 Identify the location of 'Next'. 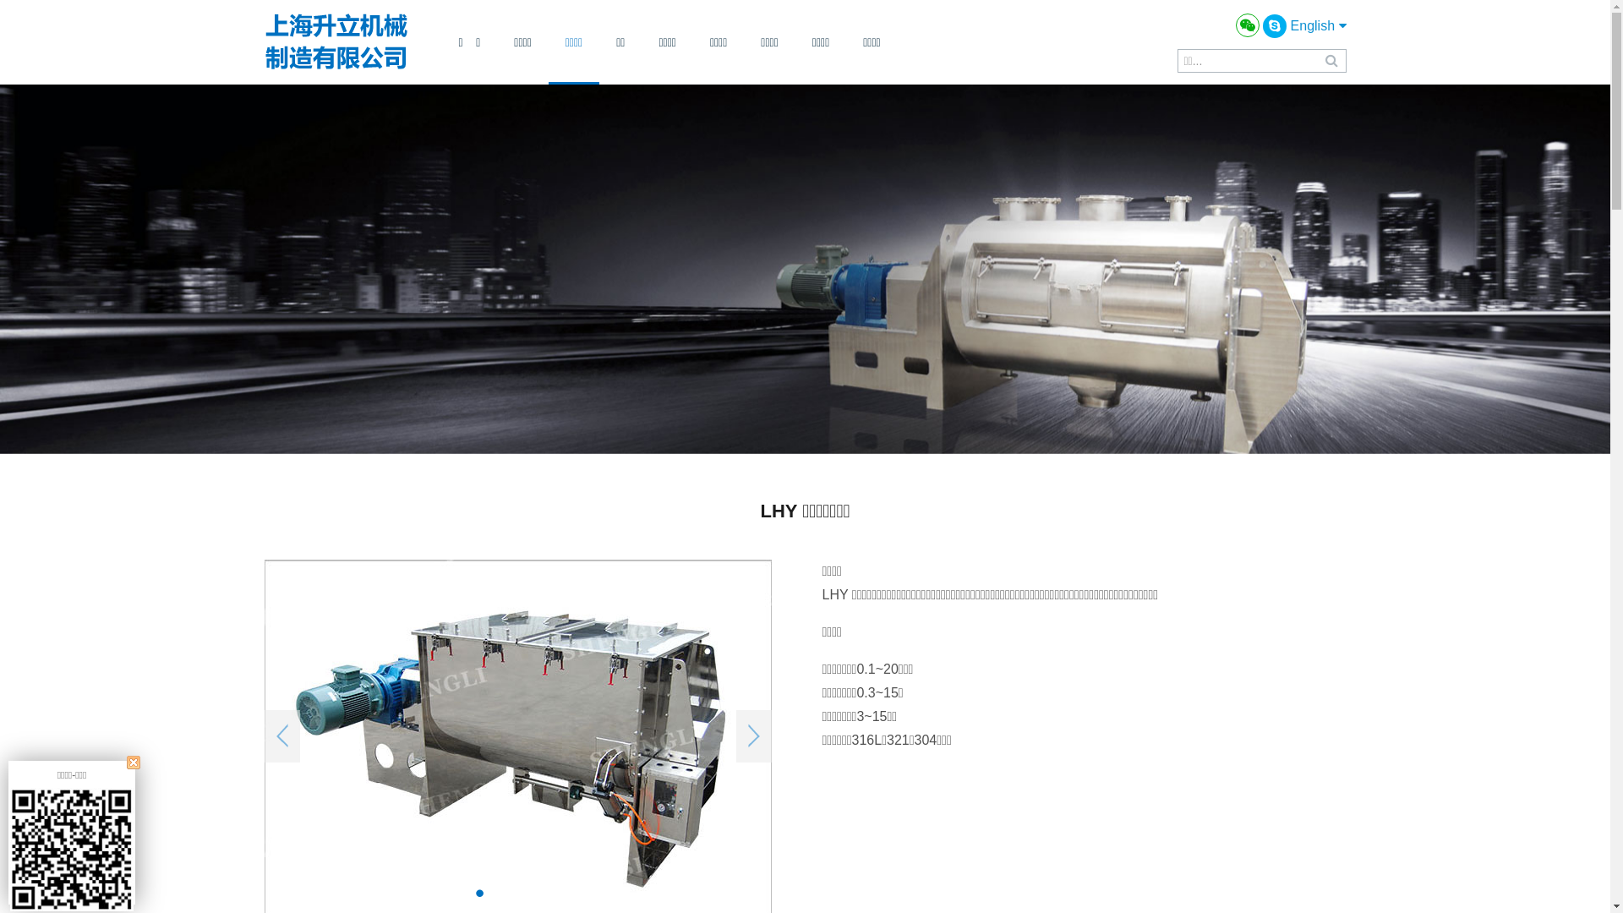
(735, 735).